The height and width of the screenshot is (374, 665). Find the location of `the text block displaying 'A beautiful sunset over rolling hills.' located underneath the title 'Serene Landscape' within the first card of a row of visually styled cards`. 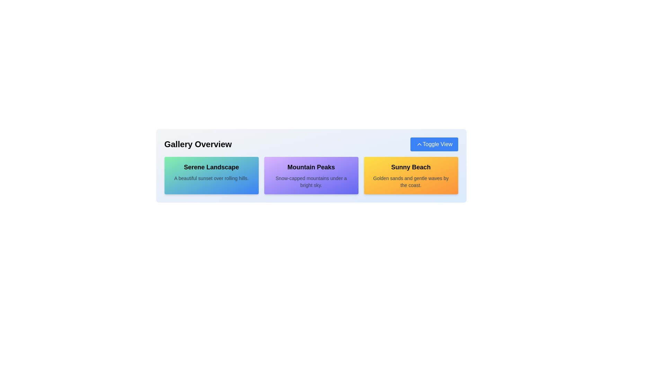

the text block displaying 'A beautiful sunset over rolling hills.' located underneath the title 'Serene Landscape' within the first card of a row of visually styled cards is located at coordinates (211, 178).